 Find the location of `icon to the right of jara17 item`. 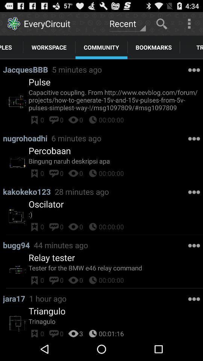

icon to the right of jara17 item is located at coordinates (48, 298).